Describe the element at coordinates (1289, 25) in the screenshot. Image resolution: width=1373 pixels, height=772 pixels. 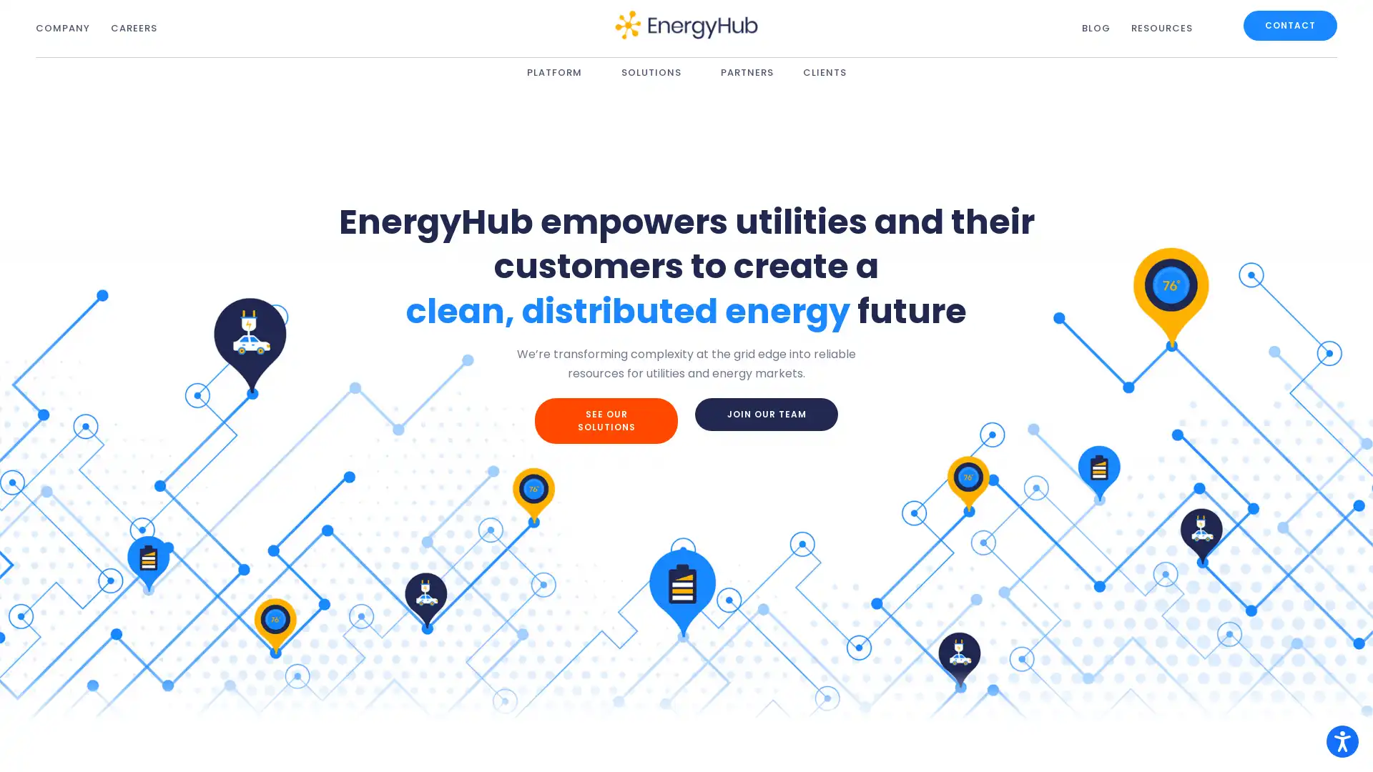
I see `CONTACT` at that location.